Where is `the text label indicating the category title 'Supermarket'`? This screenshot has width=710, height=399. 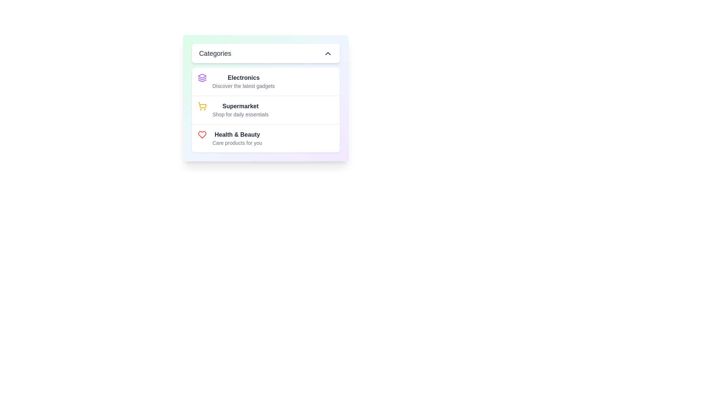 the text label indicating the category title 'Supermarket' is located at coordinates (240, 106).